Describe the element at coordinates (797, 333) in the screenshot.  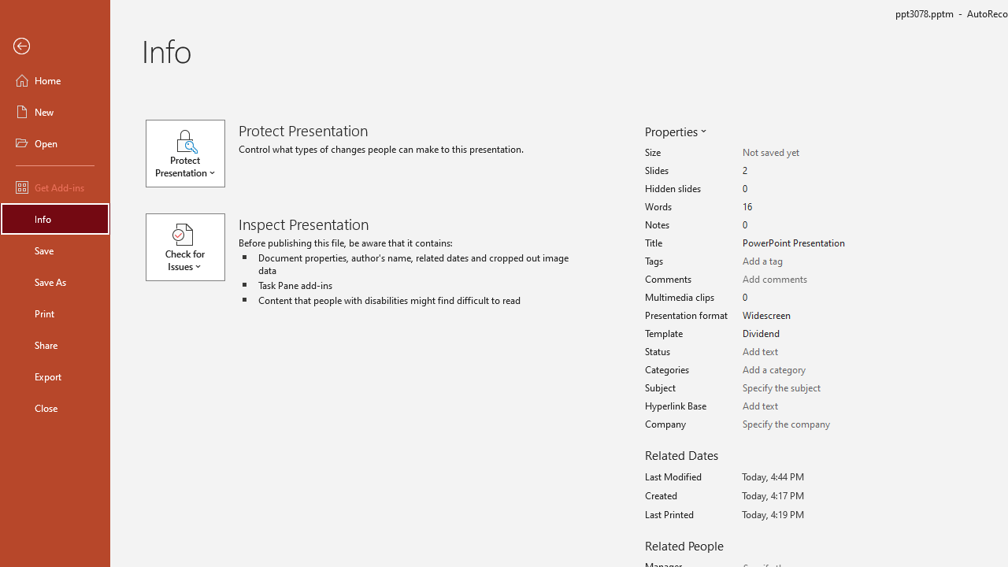
I see `'Template'` at that location.